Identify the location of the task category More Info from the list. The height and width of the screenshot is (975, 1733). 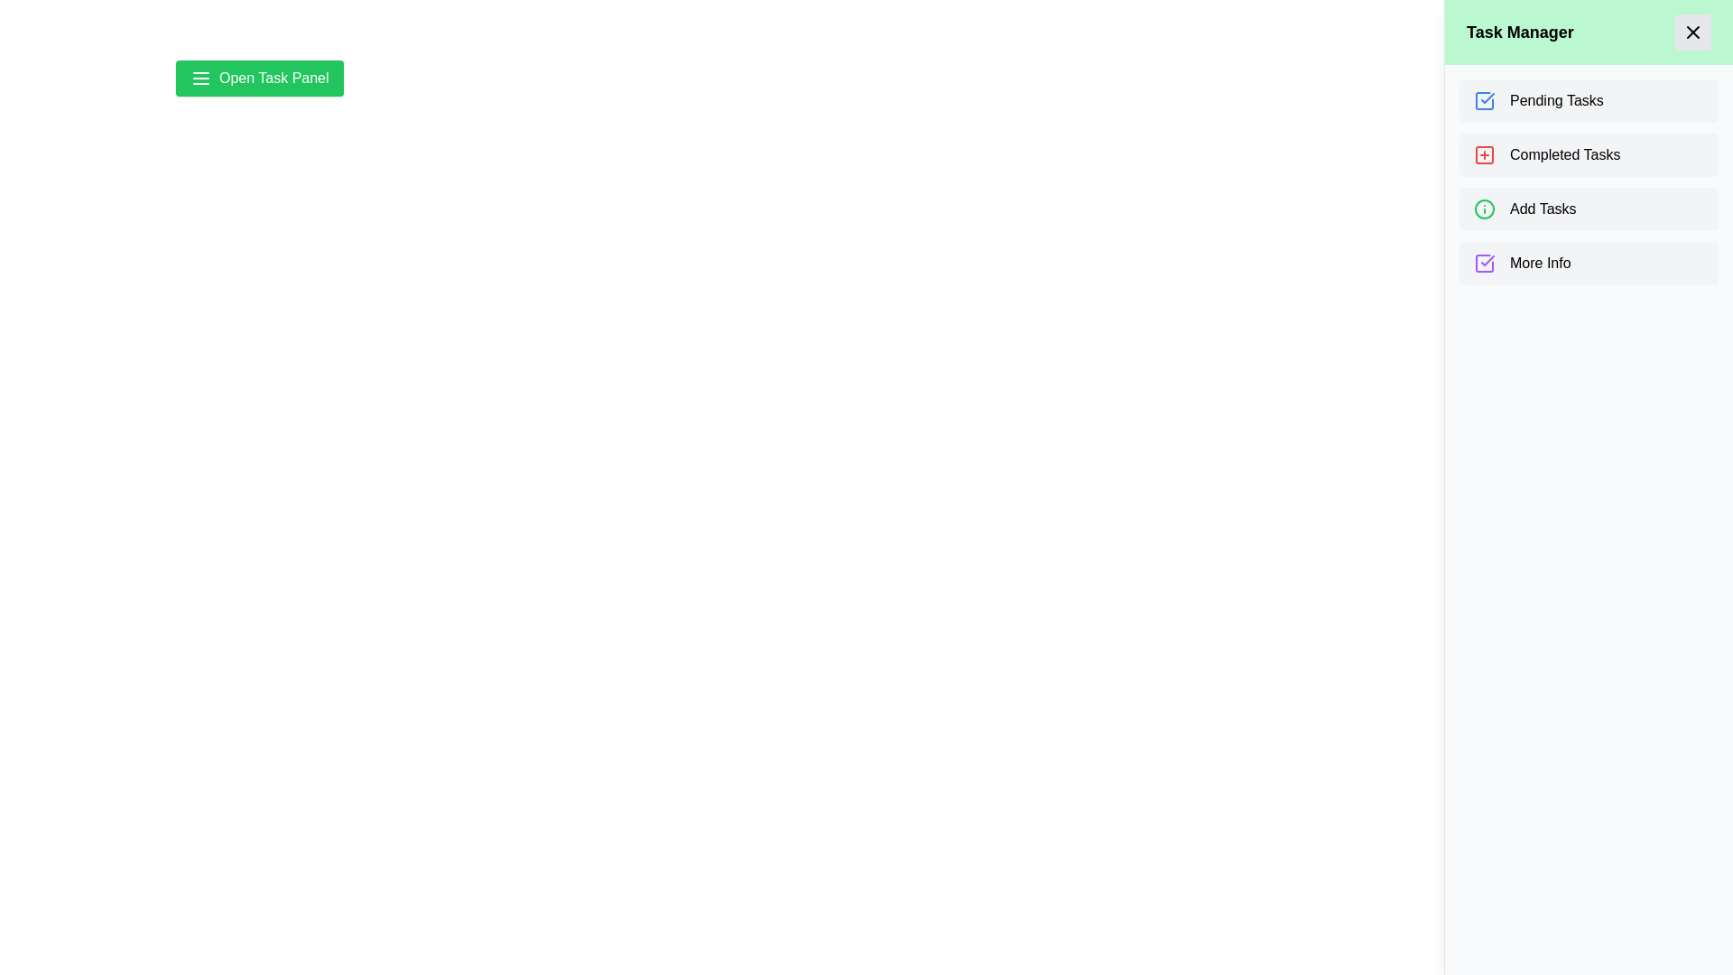
(1589, 264).